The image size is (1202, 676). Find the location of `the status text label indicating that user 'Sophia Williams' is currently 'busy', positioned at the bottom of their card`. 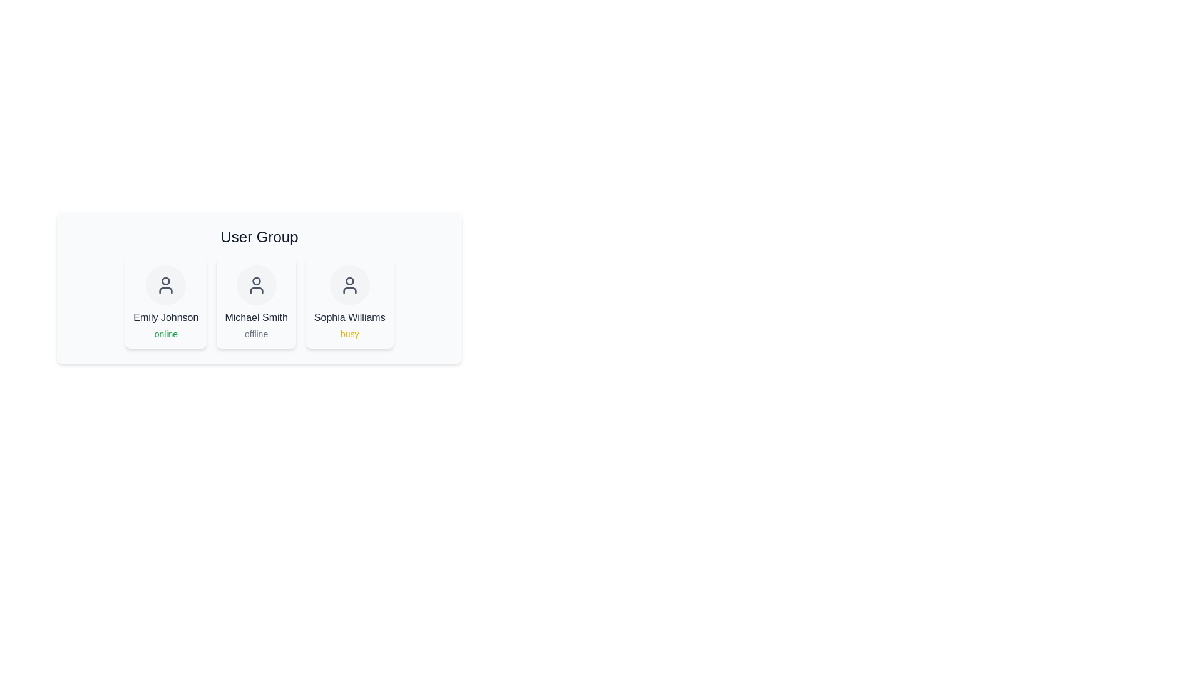

the status text label indicating that user 'Sophia Williams' is currently 'busy', positioned at the bottom of their card is located at coordinates (349, 333).